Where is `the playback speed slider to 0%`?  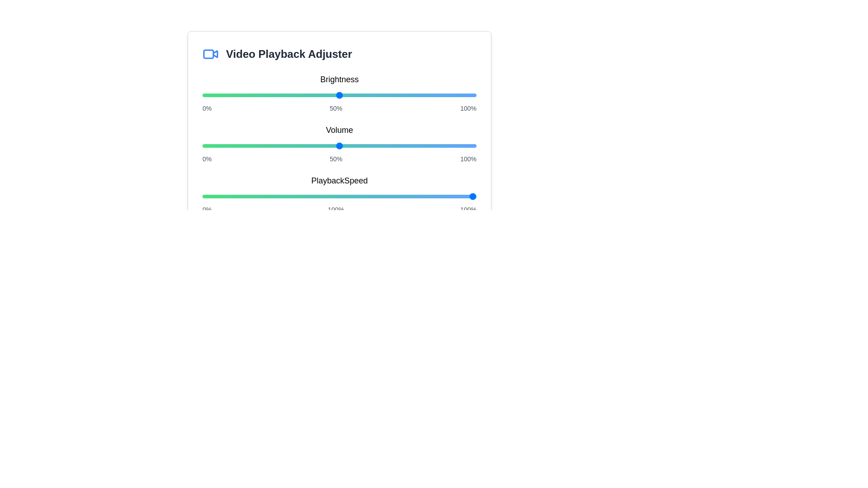 the playback speed slider to 0% is located at coordinates (202, 196).